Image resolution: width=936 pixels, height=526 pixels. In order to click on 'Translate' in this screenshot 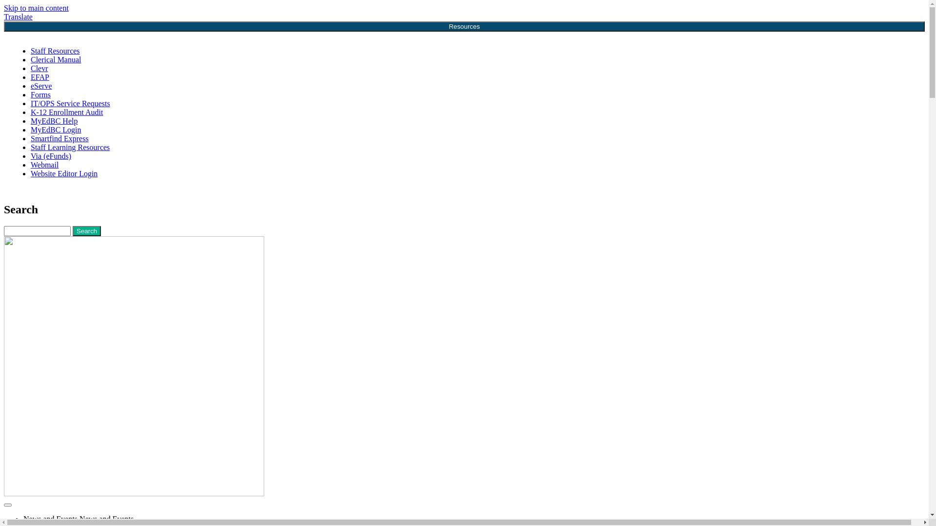, I will do `click(18, 17)`.